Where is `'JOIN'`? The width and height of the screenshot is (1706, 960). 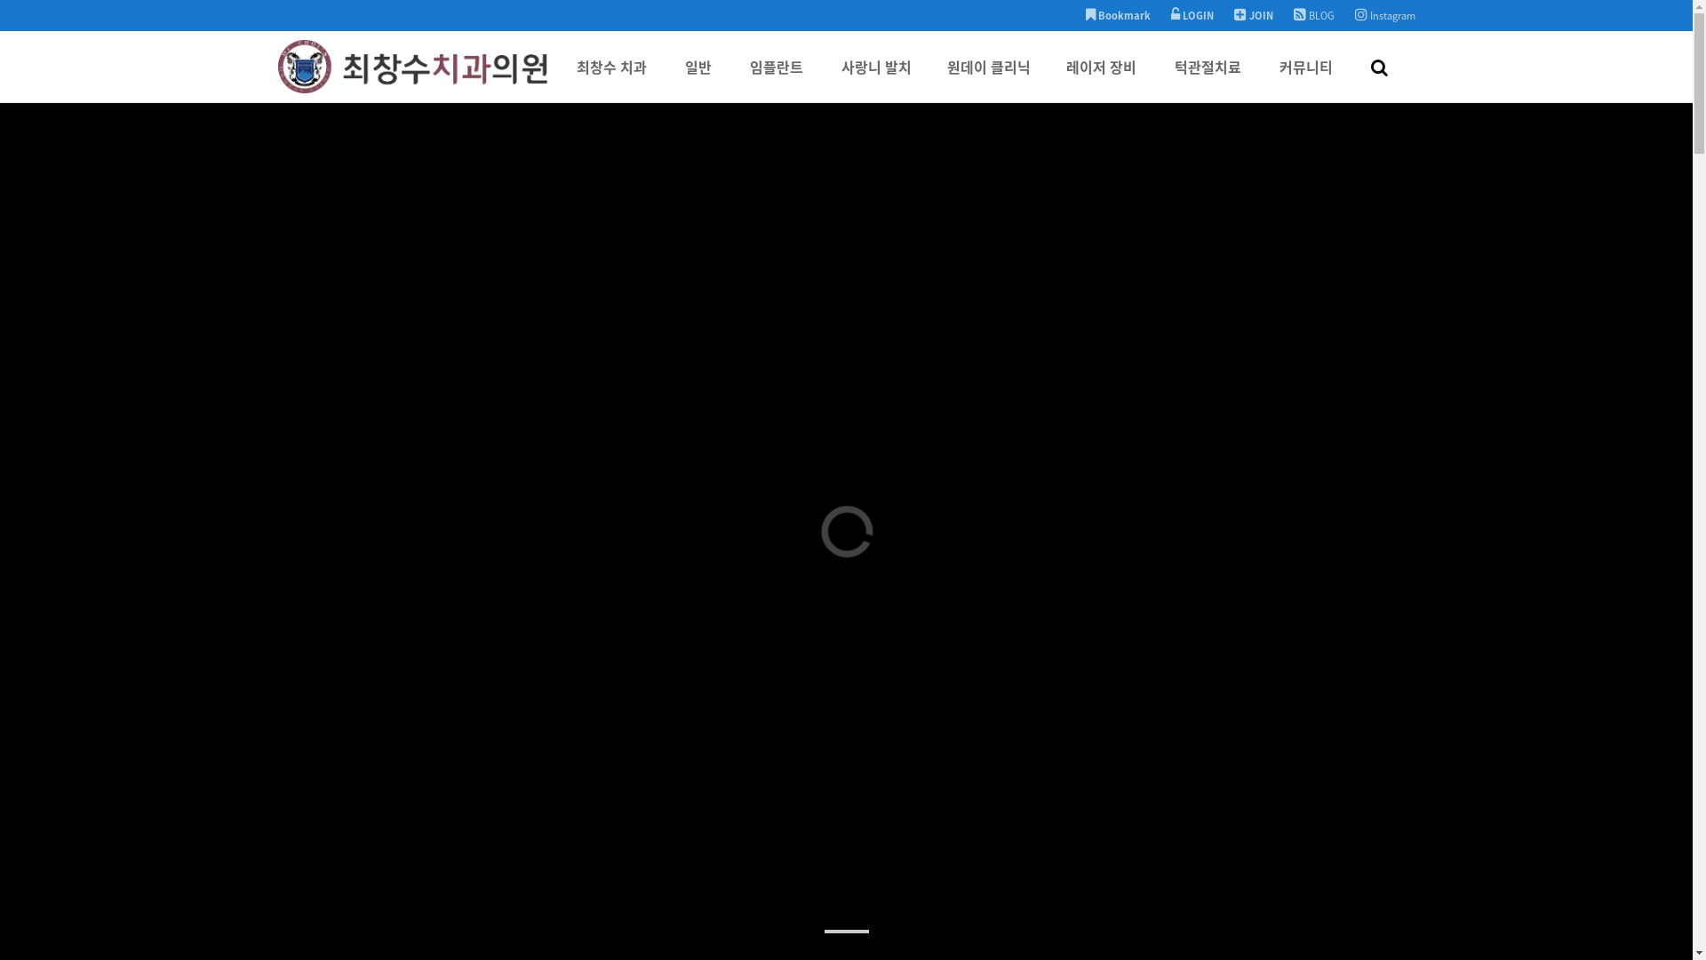
'JOIN' is located at coordinates (1252, 15).